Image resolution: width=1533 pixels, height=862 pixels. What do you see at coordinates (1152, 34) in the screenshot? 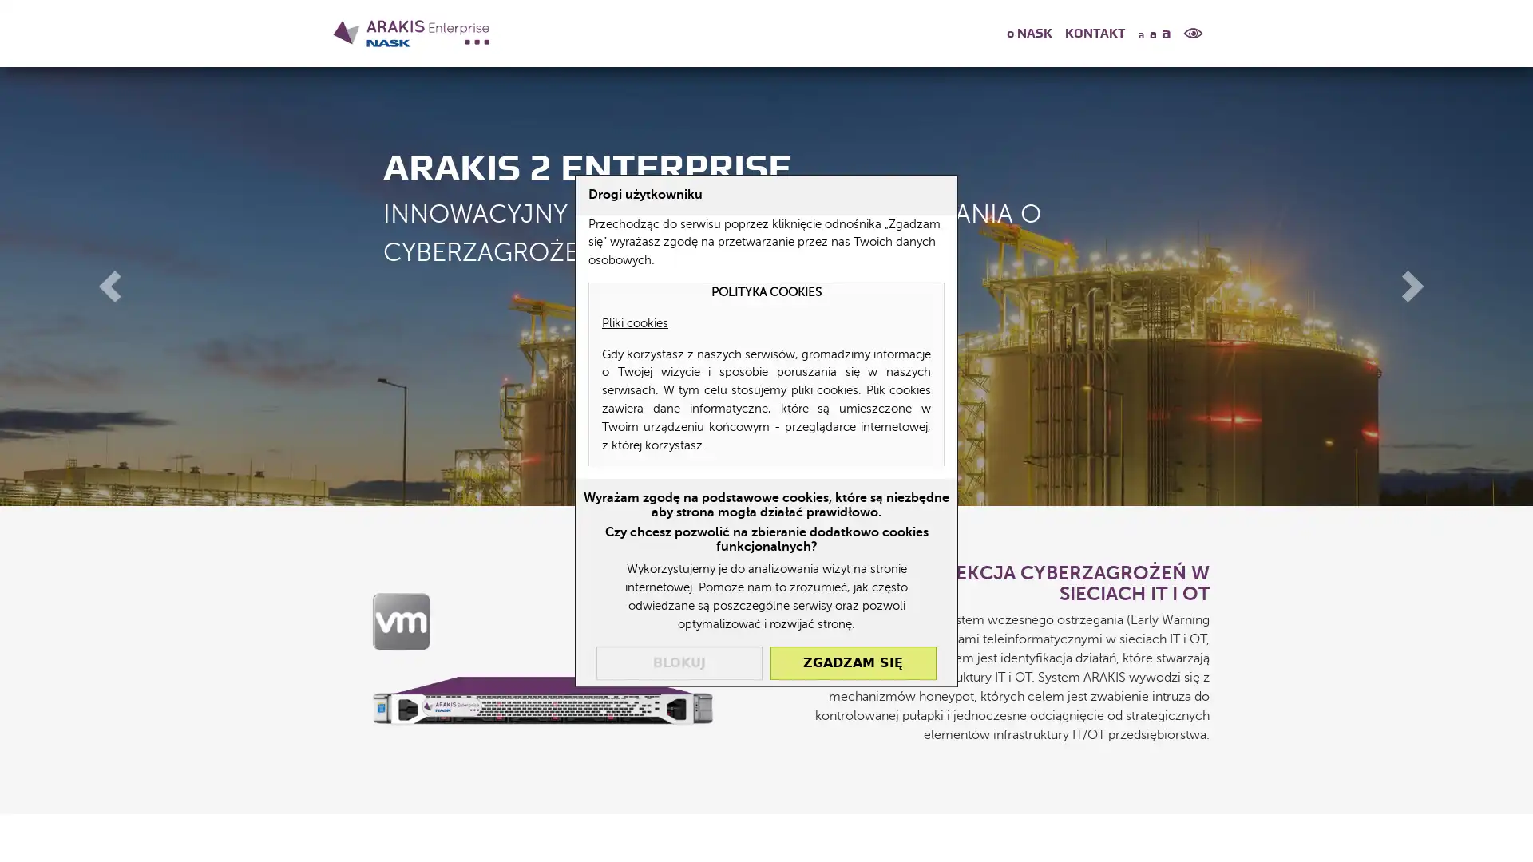
I see `a` at bounding box center [1152, 34].